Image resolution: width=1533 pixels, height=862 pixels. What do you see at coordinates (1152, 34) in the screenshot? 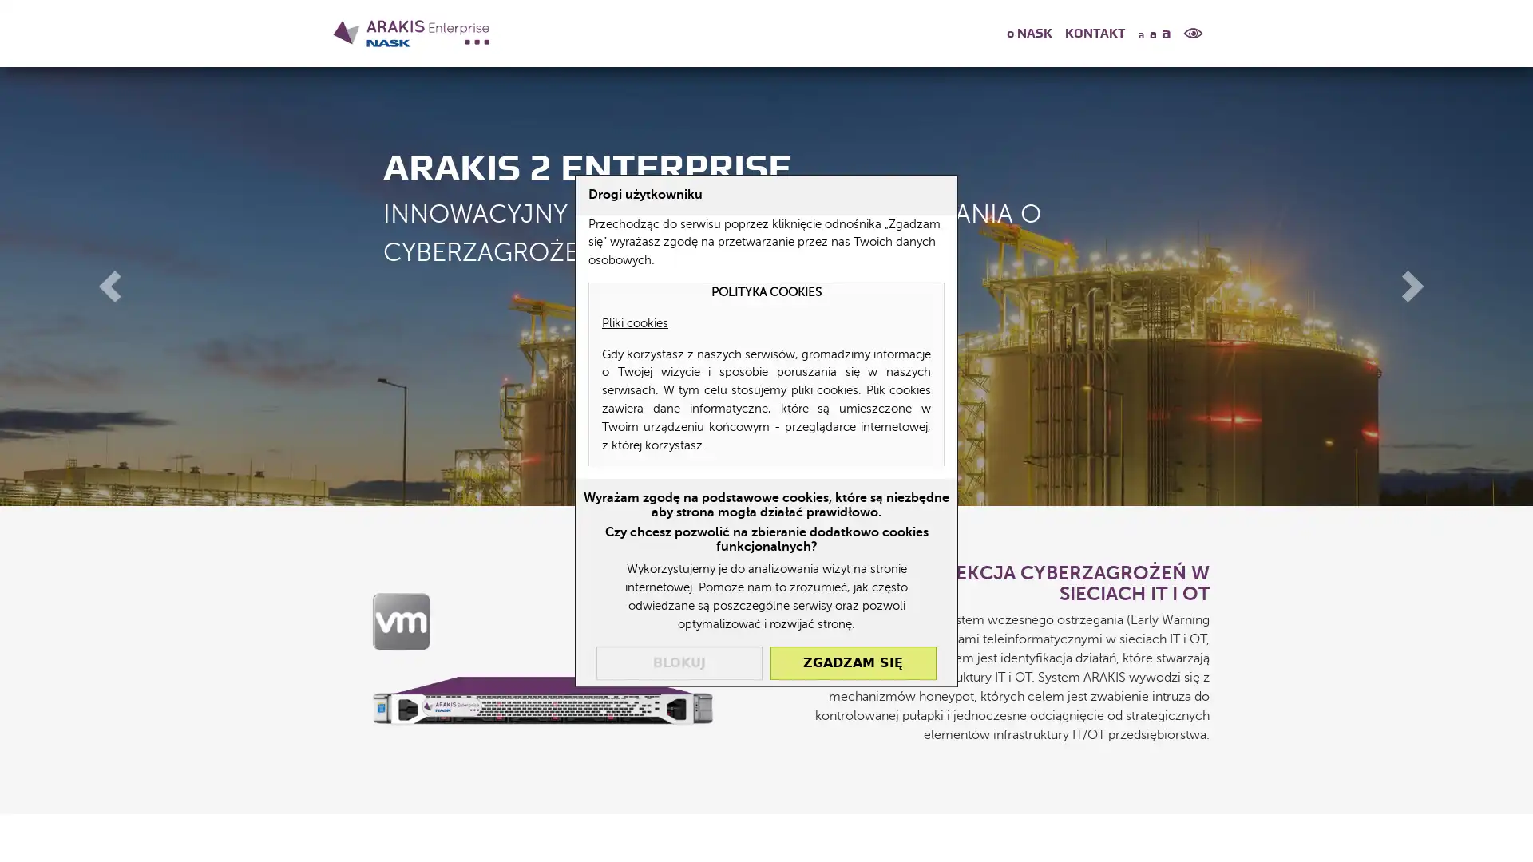
I see `a` at bounding box center [1152, 34].